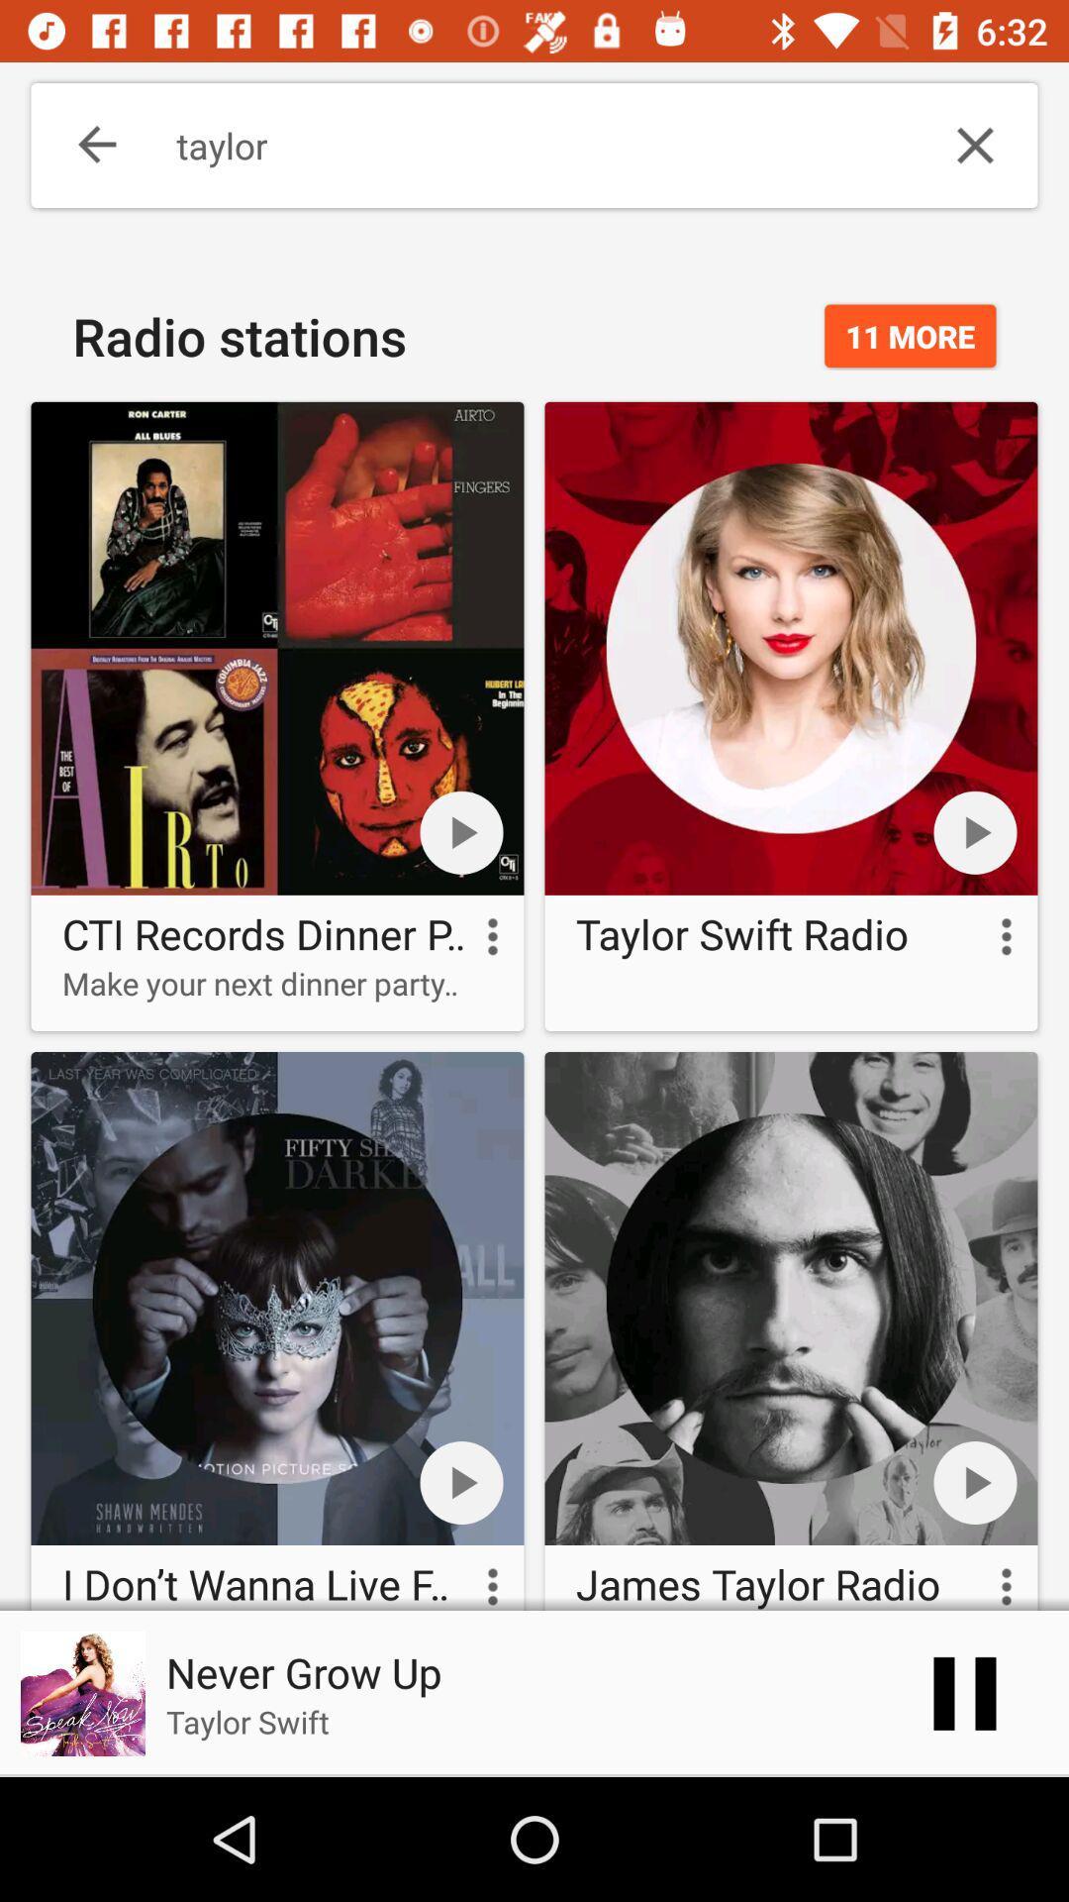 This screenshot has height=1902, width=1069. What do you see at coordinates (278, 648) in the screenshot?
I see `first image in the page` at bounding box center [278, 648].